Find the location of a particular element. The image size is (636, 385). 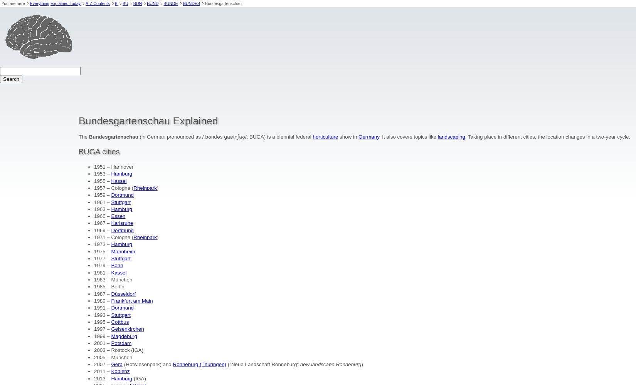

'BUND' is located at coordinates (153, 3).